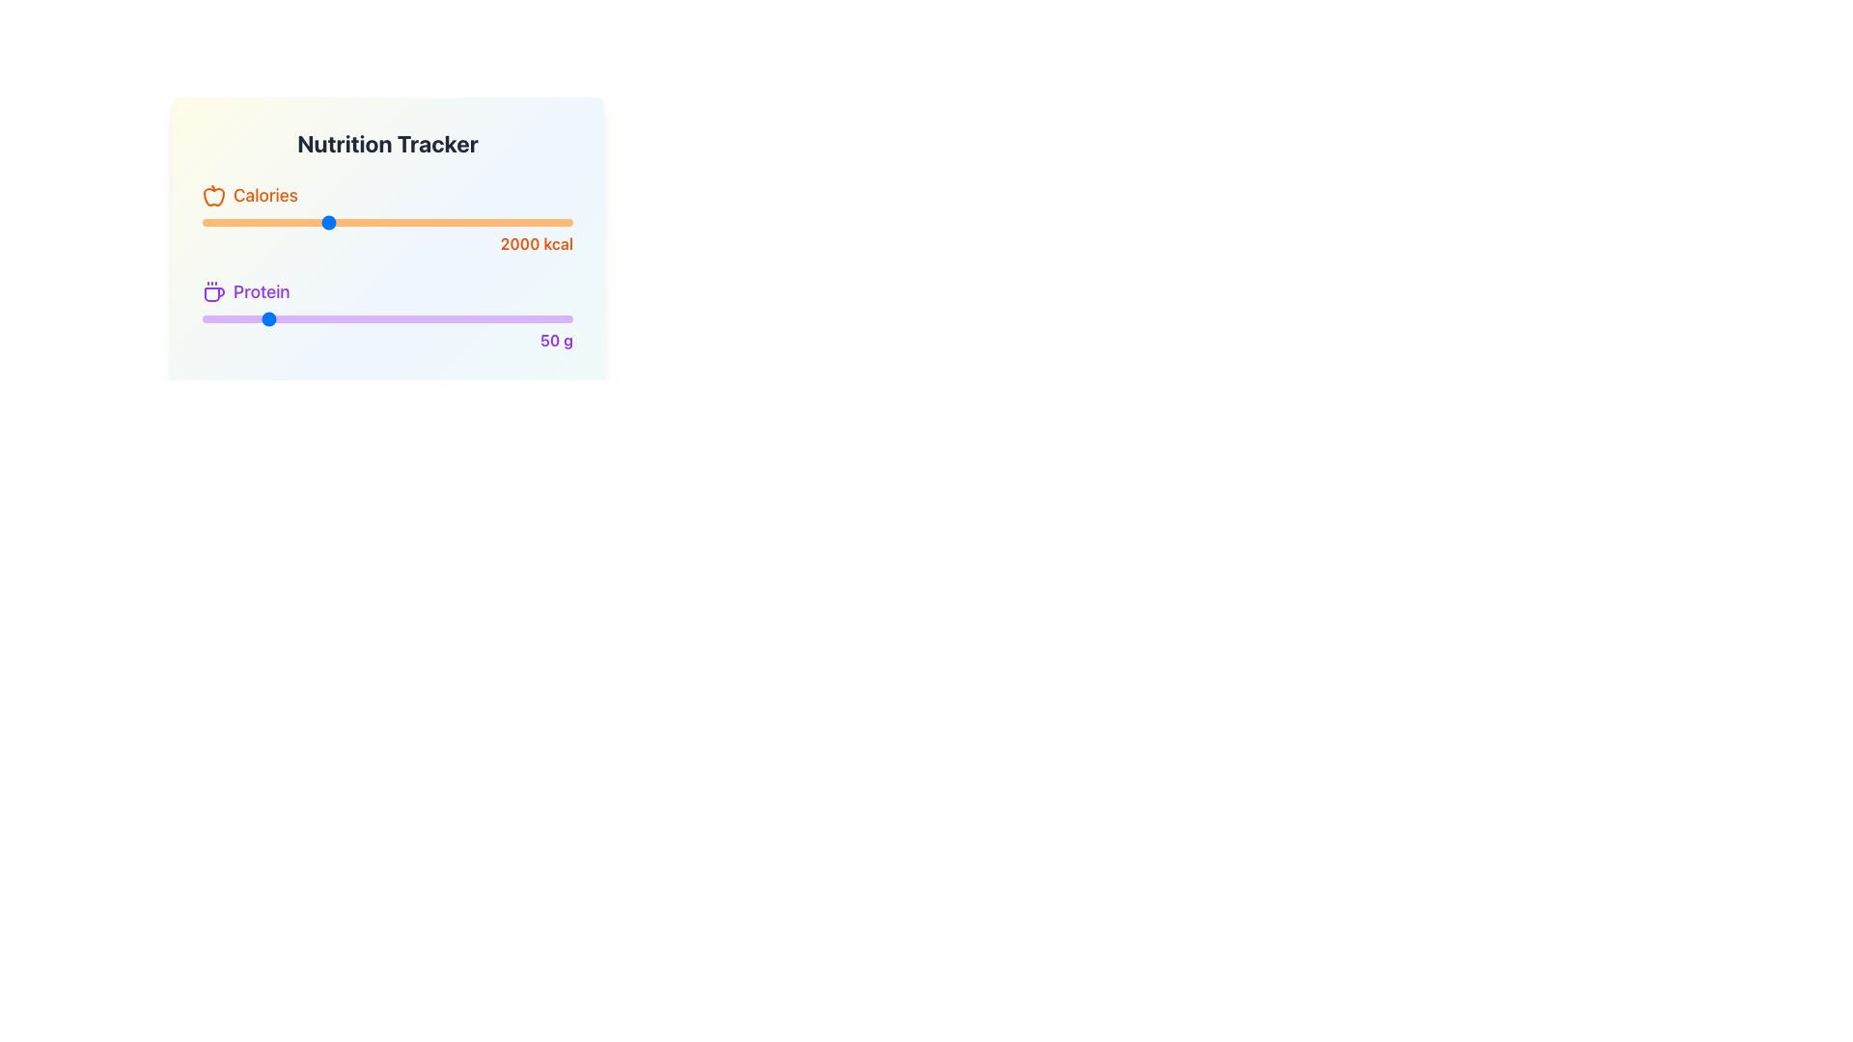 The width and height of the screenshot is (1853, 1042). Describe the element at coordinates (338, 318) in the screenshot. I see `protein quantity` at that location.